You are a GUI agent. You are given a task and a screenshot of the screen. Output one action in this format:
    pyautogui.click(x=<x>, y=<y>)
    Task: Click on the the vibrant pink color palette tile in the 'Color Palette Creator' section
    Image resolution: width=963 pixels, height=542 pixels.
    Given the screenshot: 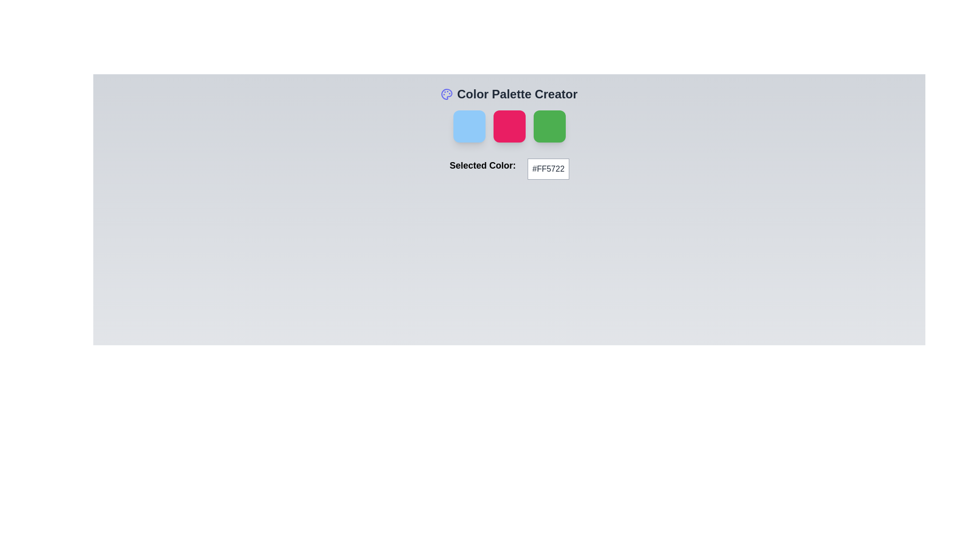 What is the action you would take?
    pyautogui.click(x=509, y=125)
    